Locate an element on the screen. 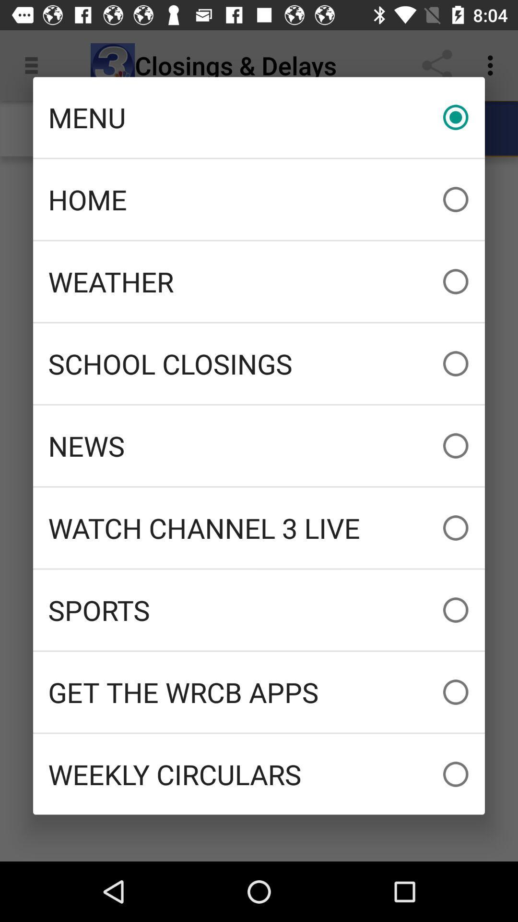  icon above home item is located at coordinates (259, 117).